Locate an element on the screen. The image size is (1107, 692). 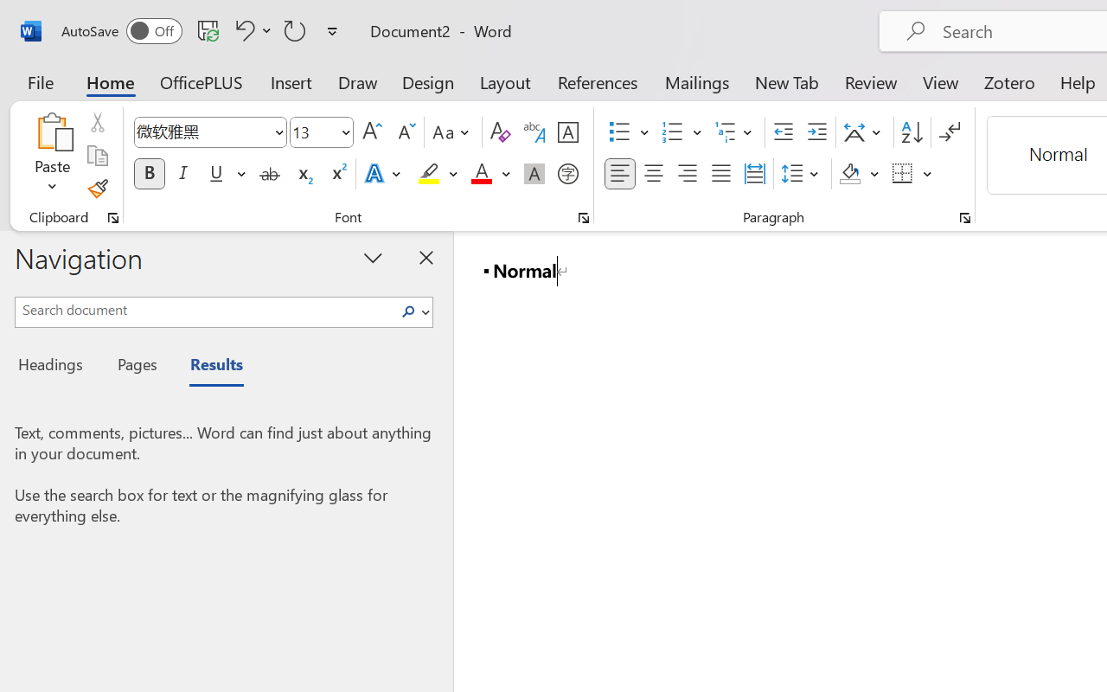
'Save' is located at coordinates (208, 29).